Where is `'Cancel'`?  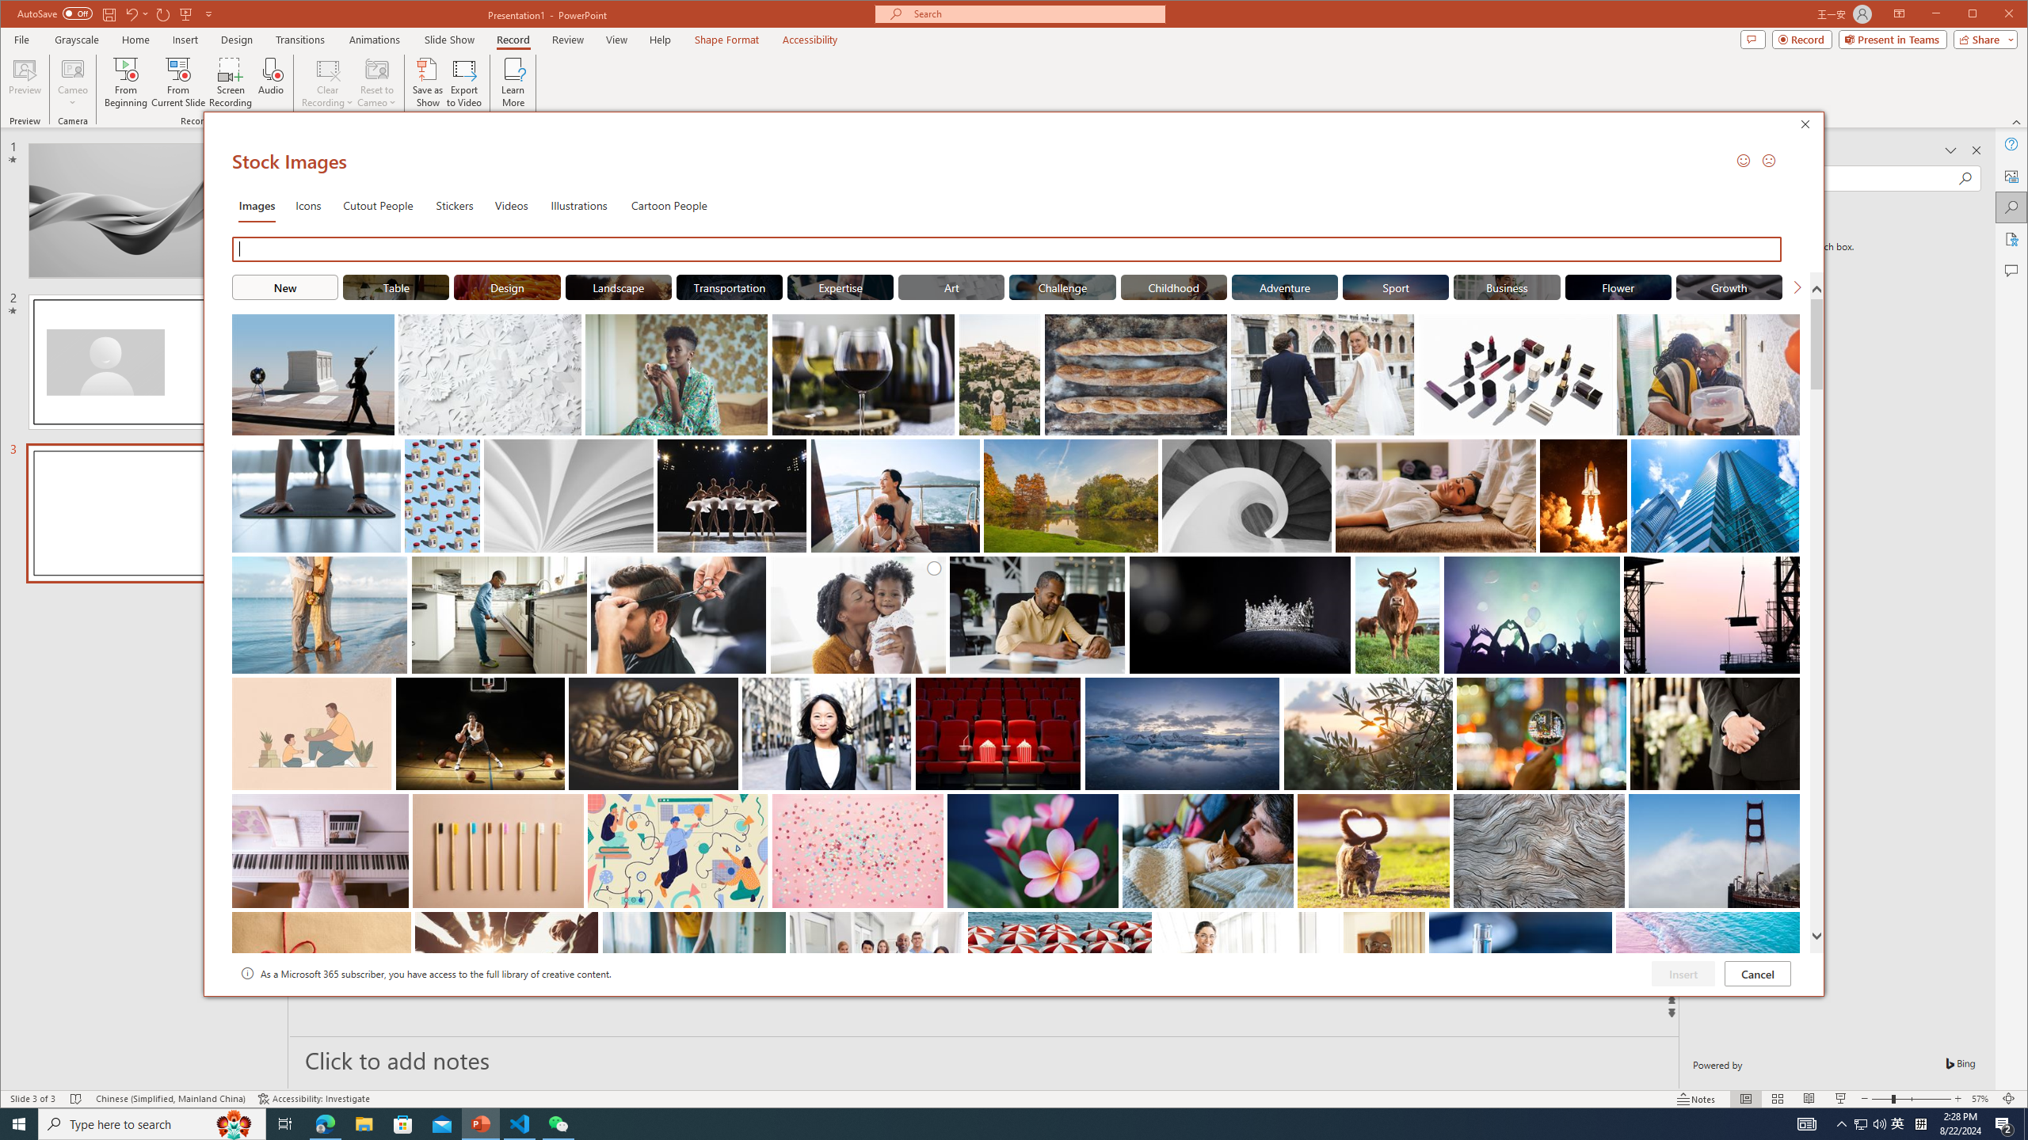
'Cancel' is located at coordinates (1756, 973).